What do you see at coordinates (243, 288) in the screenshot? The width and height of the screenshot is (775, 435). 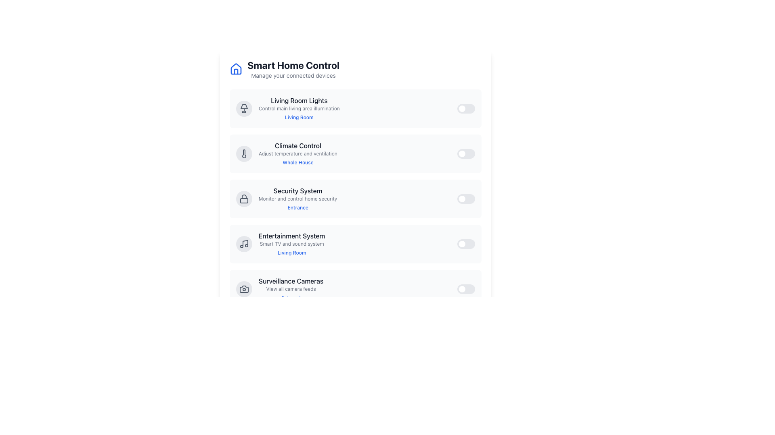 I see `the Surveillance Cameras icon in the Smart Home Control interface, which visually indicates the camera functionality and is positioned to the left of the section title and description` at bounding box center [243, 288].